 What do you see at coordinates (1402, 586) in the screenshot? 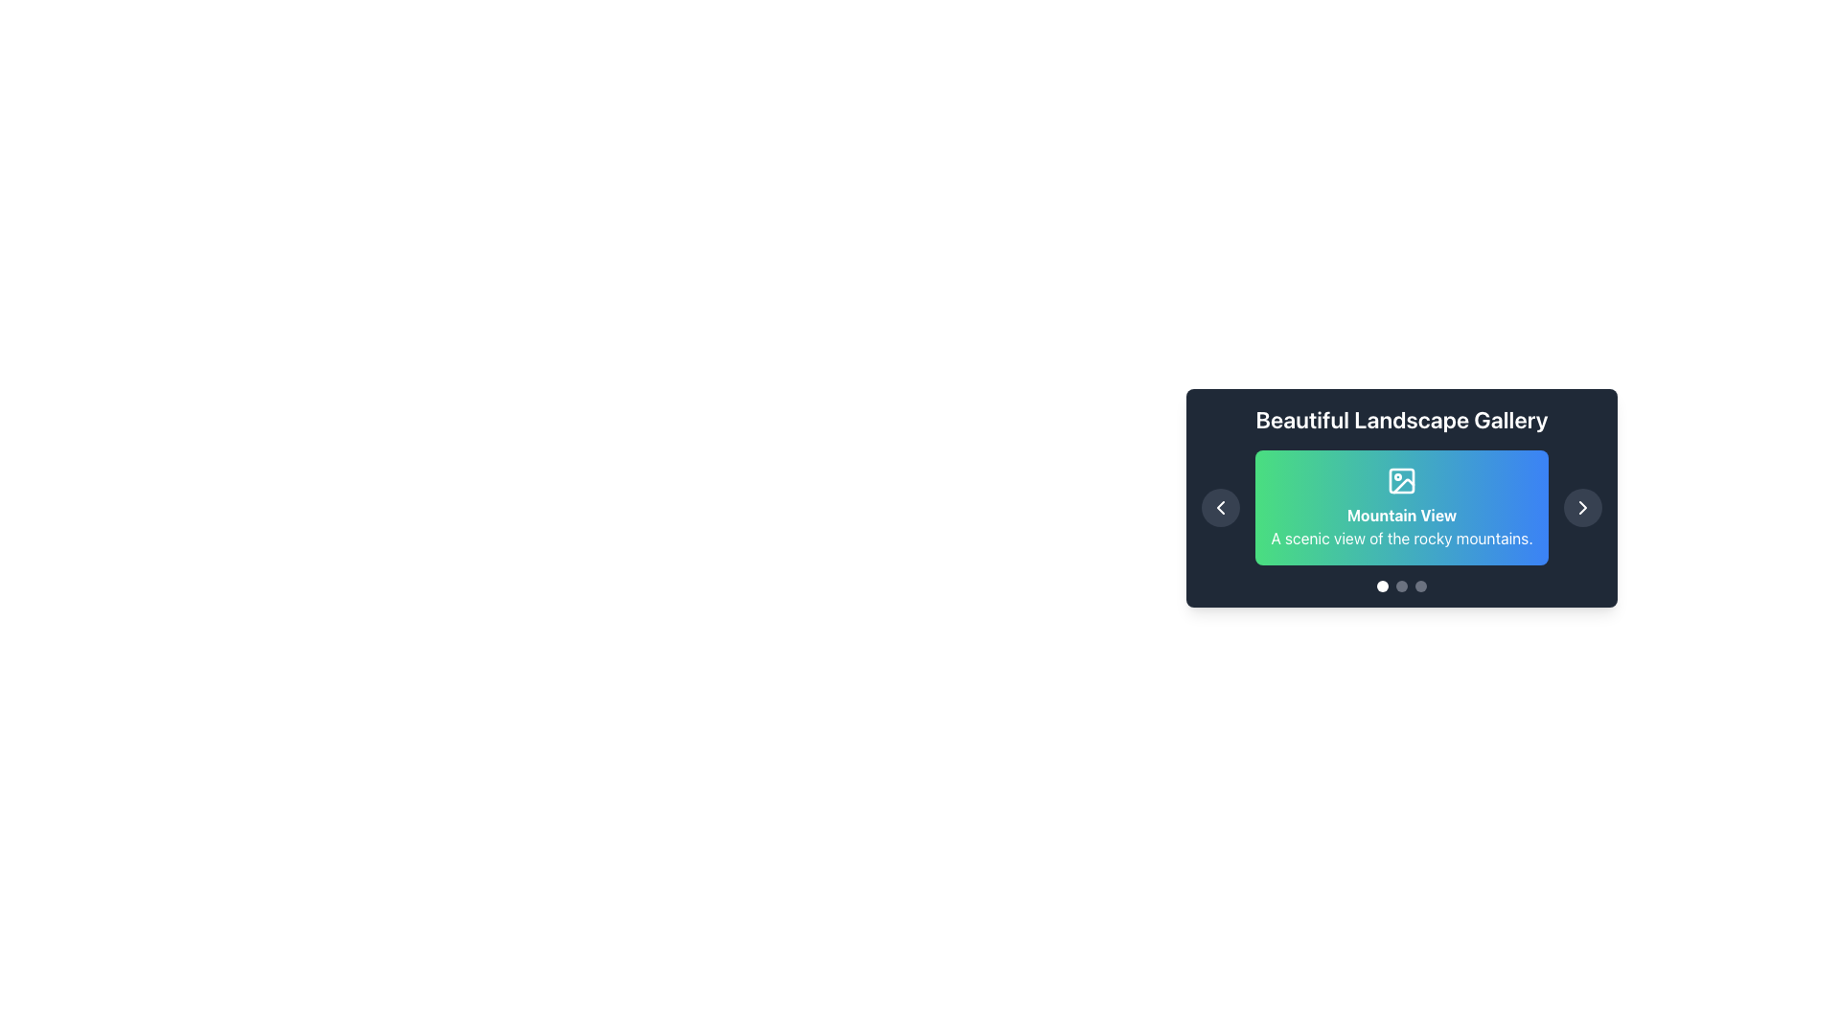
I see `the second button in the group of three navigation buttons at the bottom-center of the 'Beautiful Landscape Gallery' card` at bounding box center [1402, 586].